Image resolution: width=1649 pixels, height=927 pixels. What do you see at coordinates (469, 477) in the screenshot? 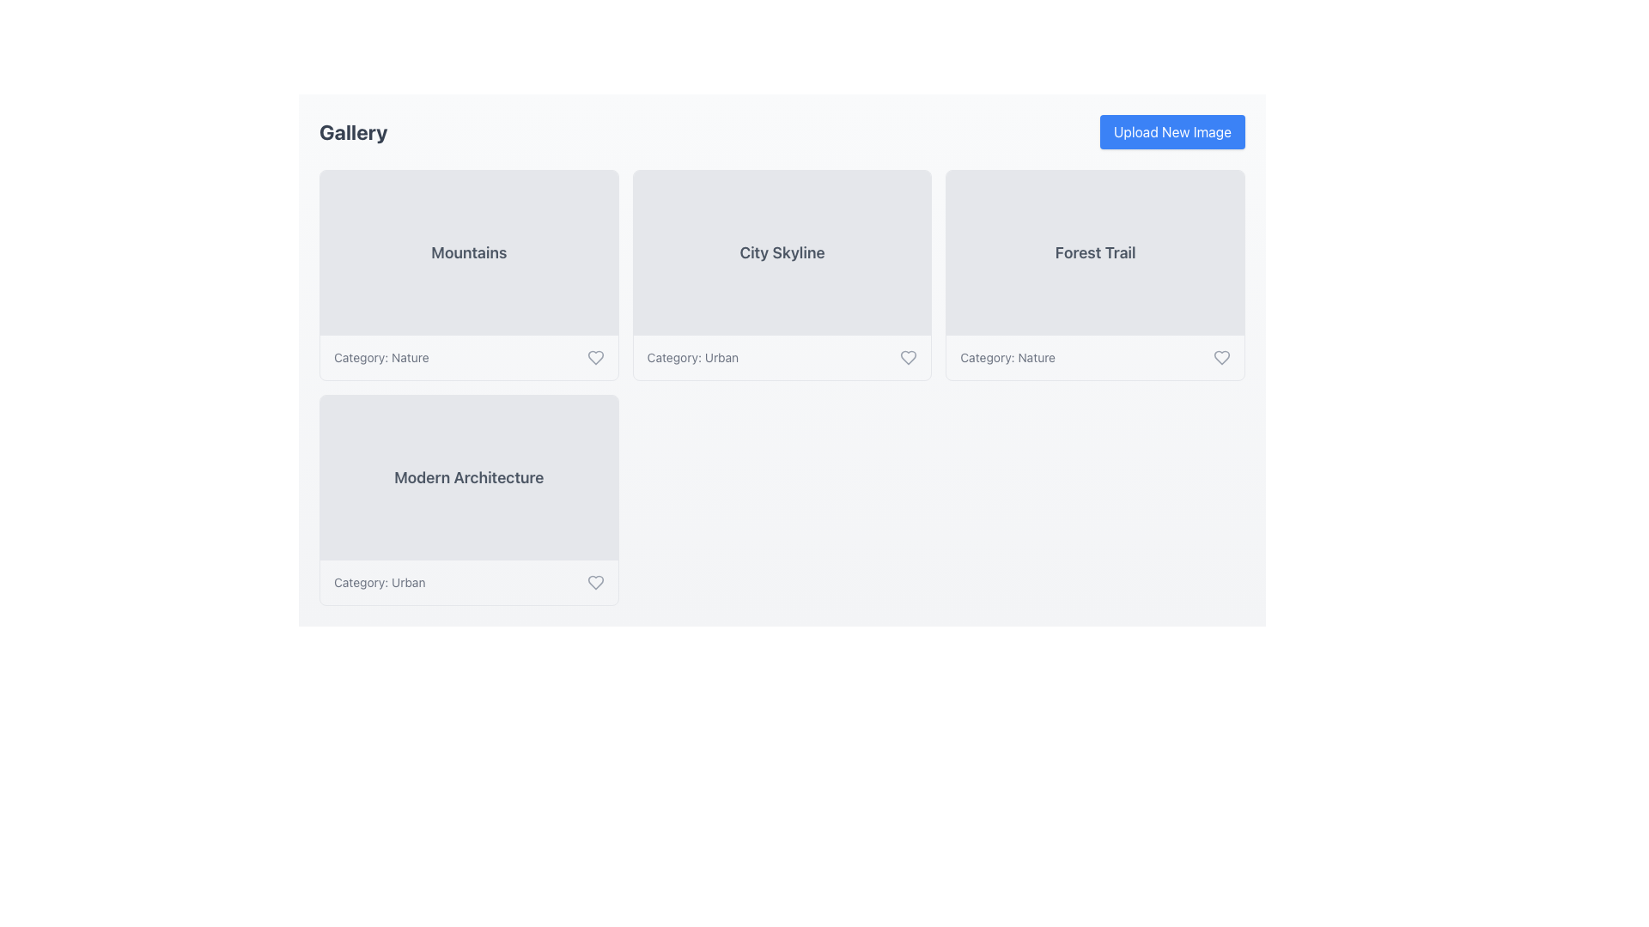
I see `the text label 'Modern Architecture' which is prominently displayed in bold gray font within the leftmost card of the second row in the grid of cards` at bounding box center [469, 477].